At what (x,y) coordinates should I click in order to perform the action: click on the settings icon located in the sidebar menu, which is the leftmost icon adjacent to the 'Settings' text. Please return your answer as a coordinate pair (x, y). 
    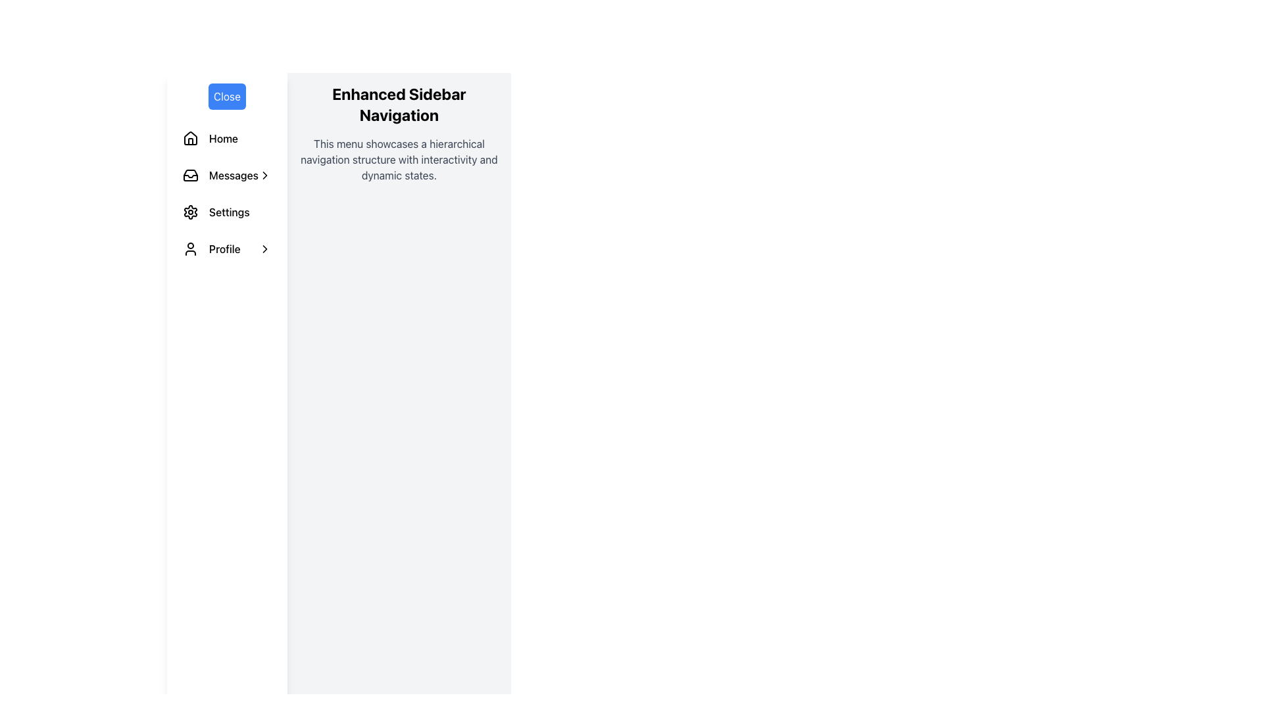
    Looking at the image, I should click on (189, 212).